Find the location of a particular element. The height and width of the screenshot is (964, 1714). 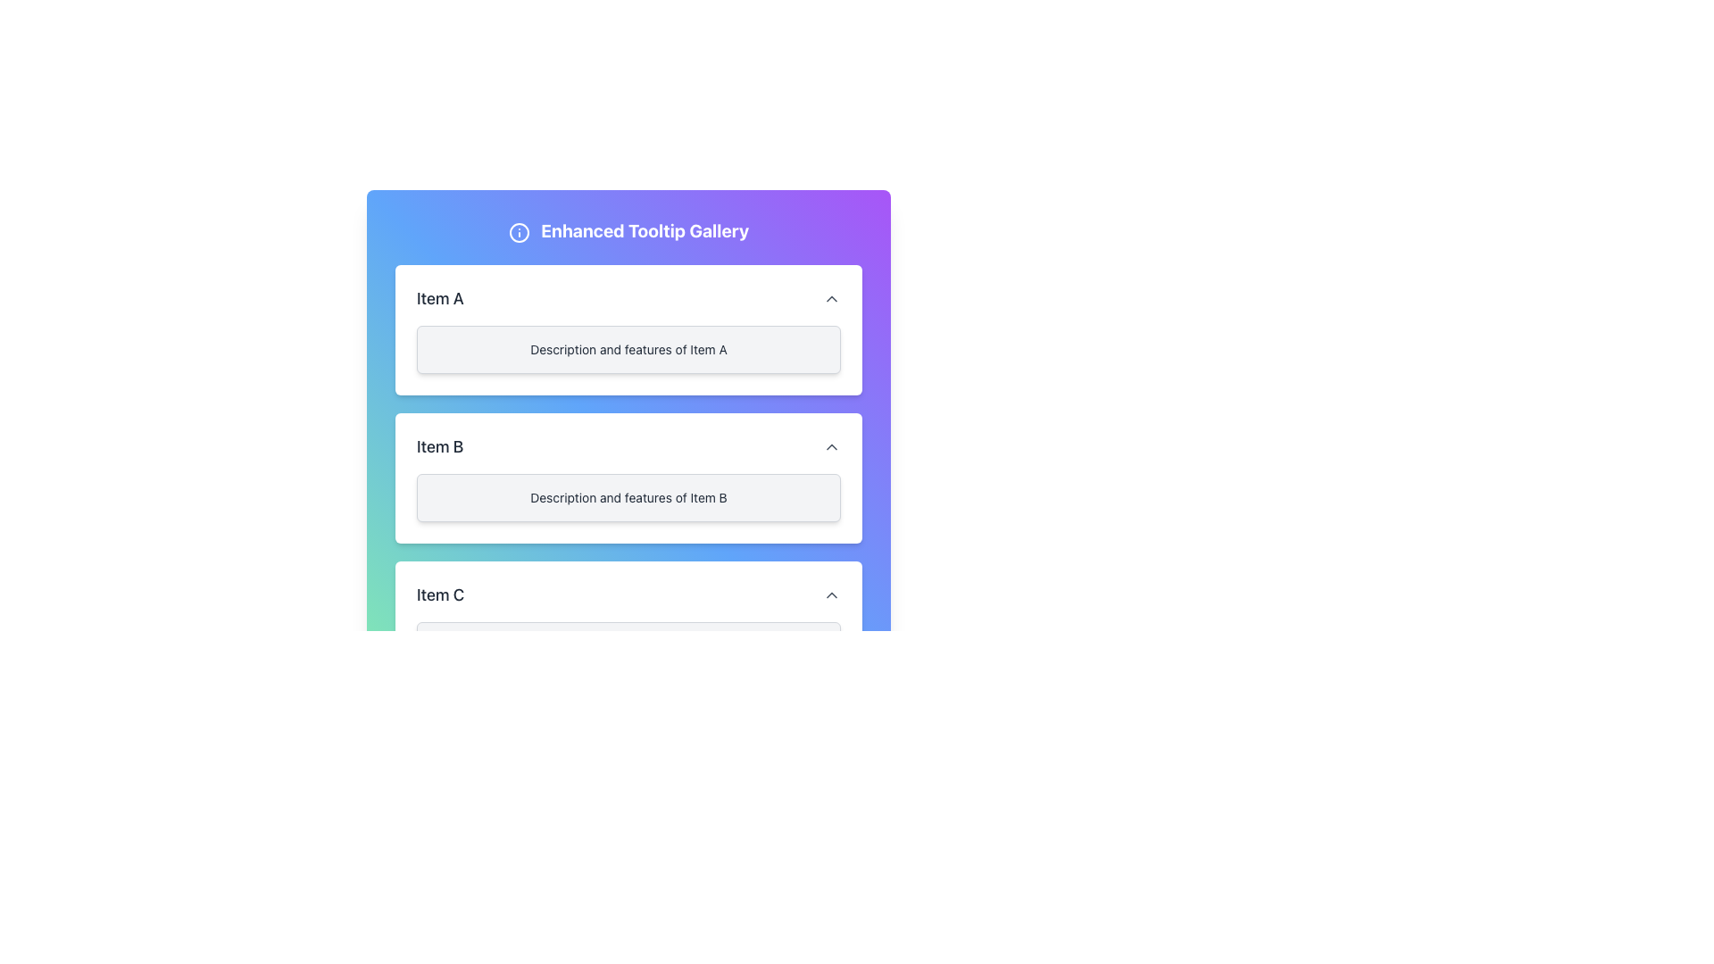

the Informational Panel labeled 'Item B' is located at coordinates (628, 478).